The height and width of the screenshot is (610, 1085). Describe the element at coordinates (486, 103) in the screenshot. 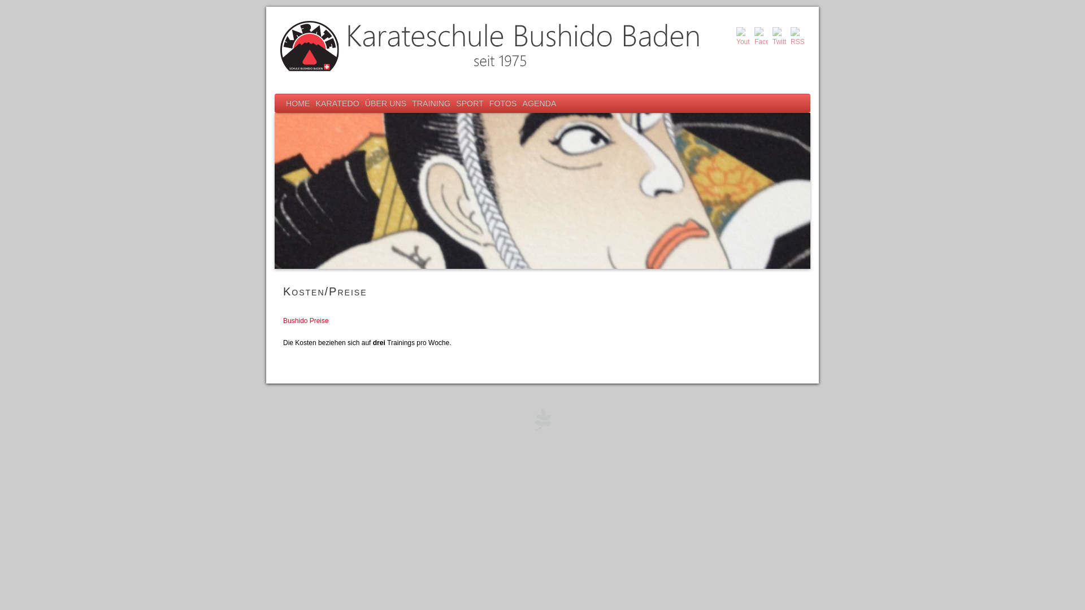

I see `'FOTOS'` at that location.